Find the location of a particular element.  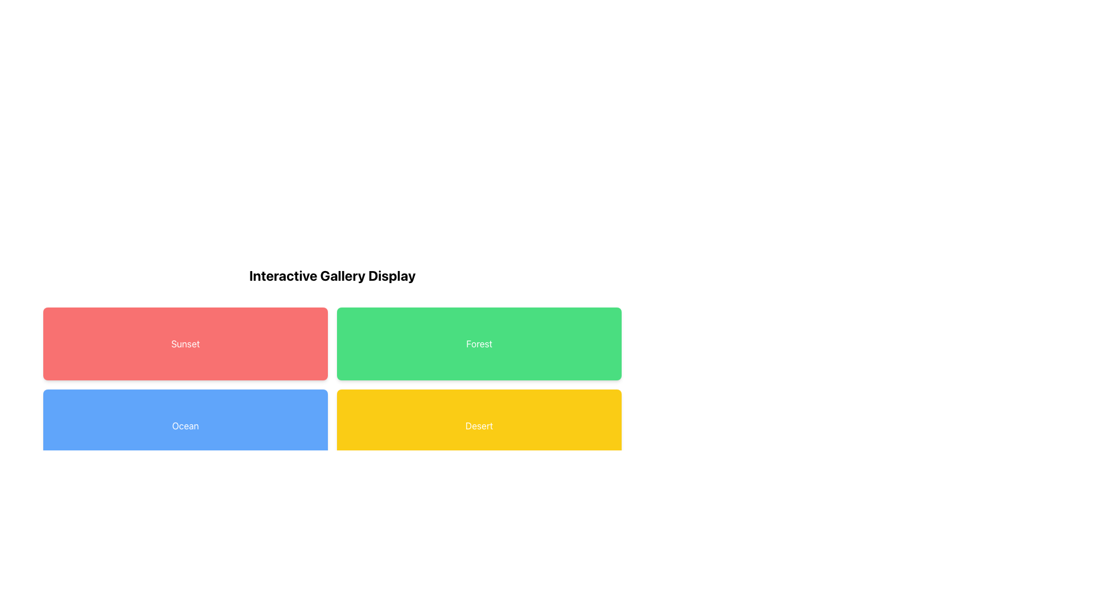

text label 'Sunset' on the red rectangular button with rounded corners located in the top-left of the grid layout is located at coordinates (186, 343).